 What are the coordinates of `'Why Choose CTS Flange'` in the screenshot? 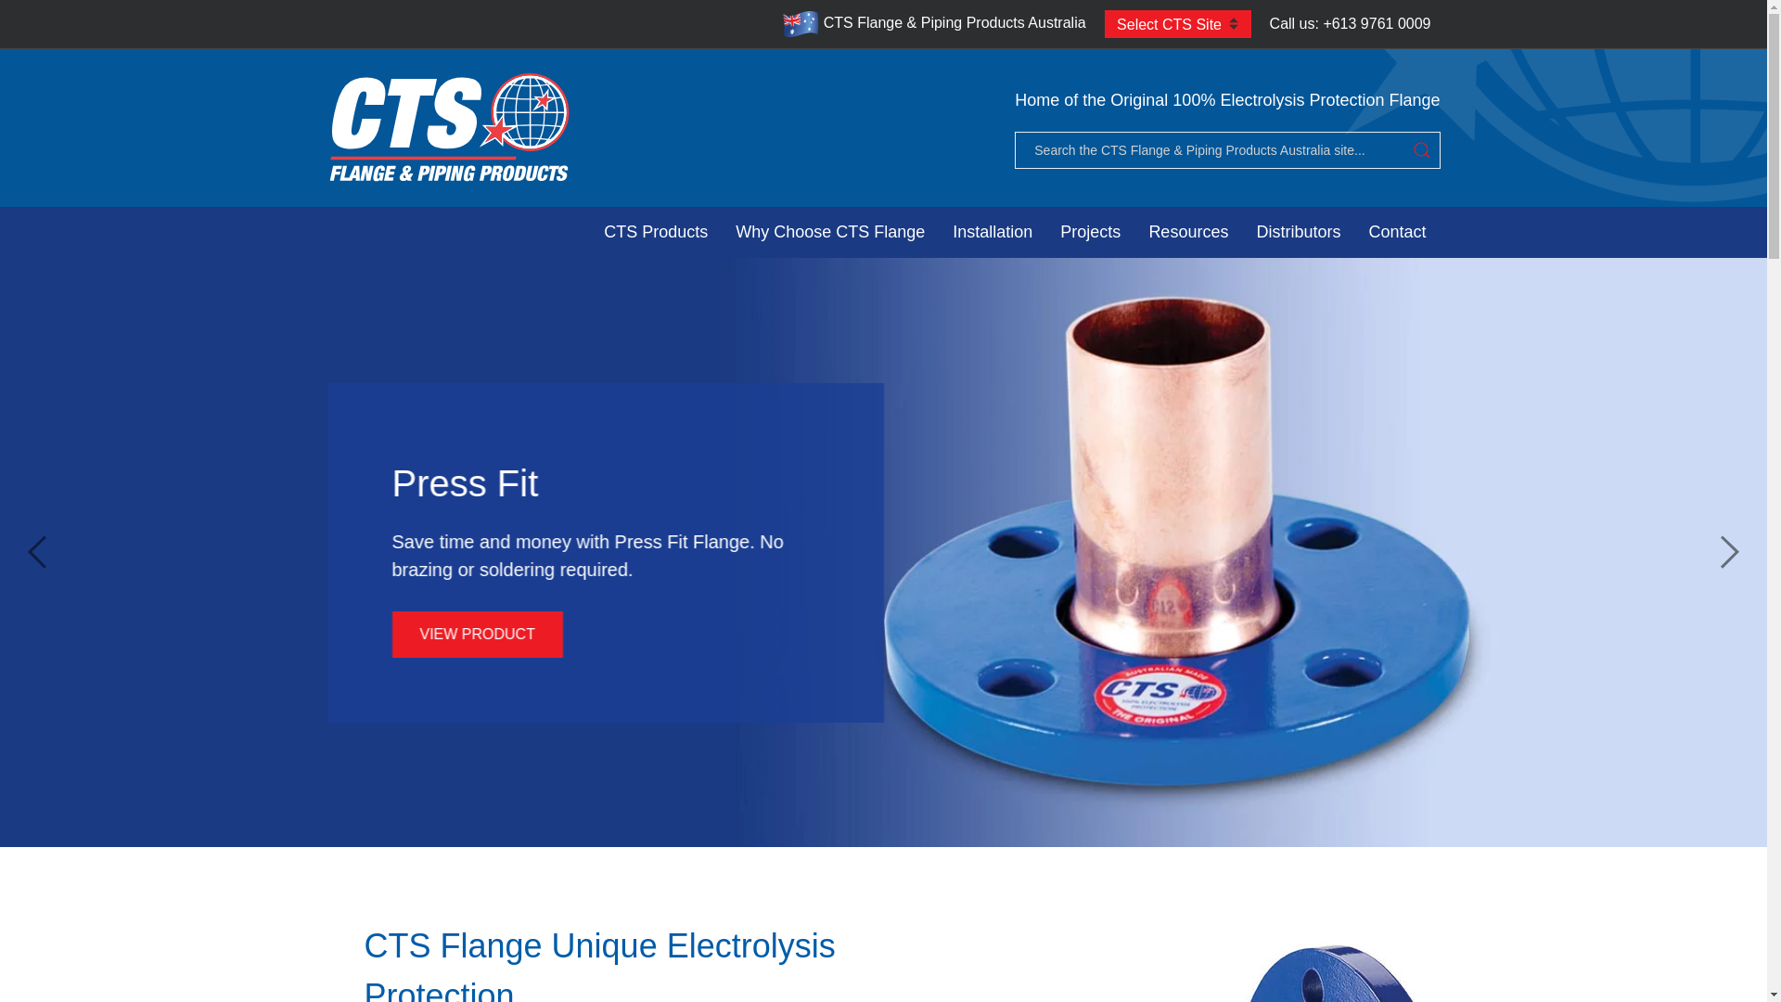 It's located at (720, 231).